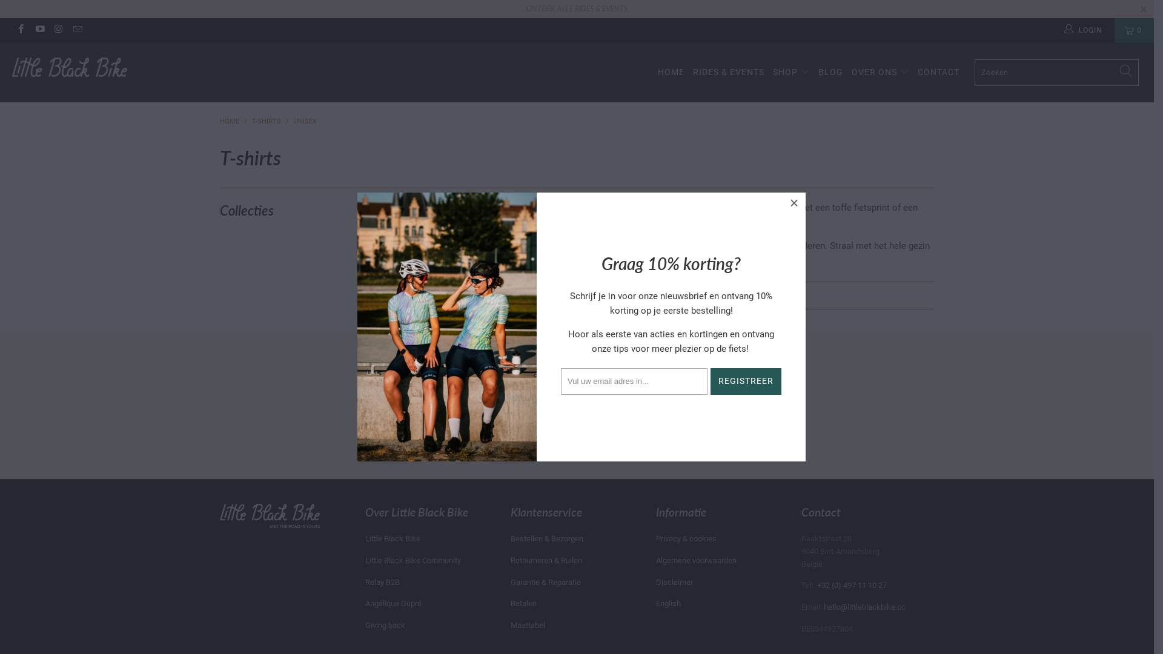 This screenshot has height=654, width=1163. Describe the element at coordinates (576, 8) in the screenshot. I see `'ONTDEK ALLE RIDES & EVENTS'` at that location.